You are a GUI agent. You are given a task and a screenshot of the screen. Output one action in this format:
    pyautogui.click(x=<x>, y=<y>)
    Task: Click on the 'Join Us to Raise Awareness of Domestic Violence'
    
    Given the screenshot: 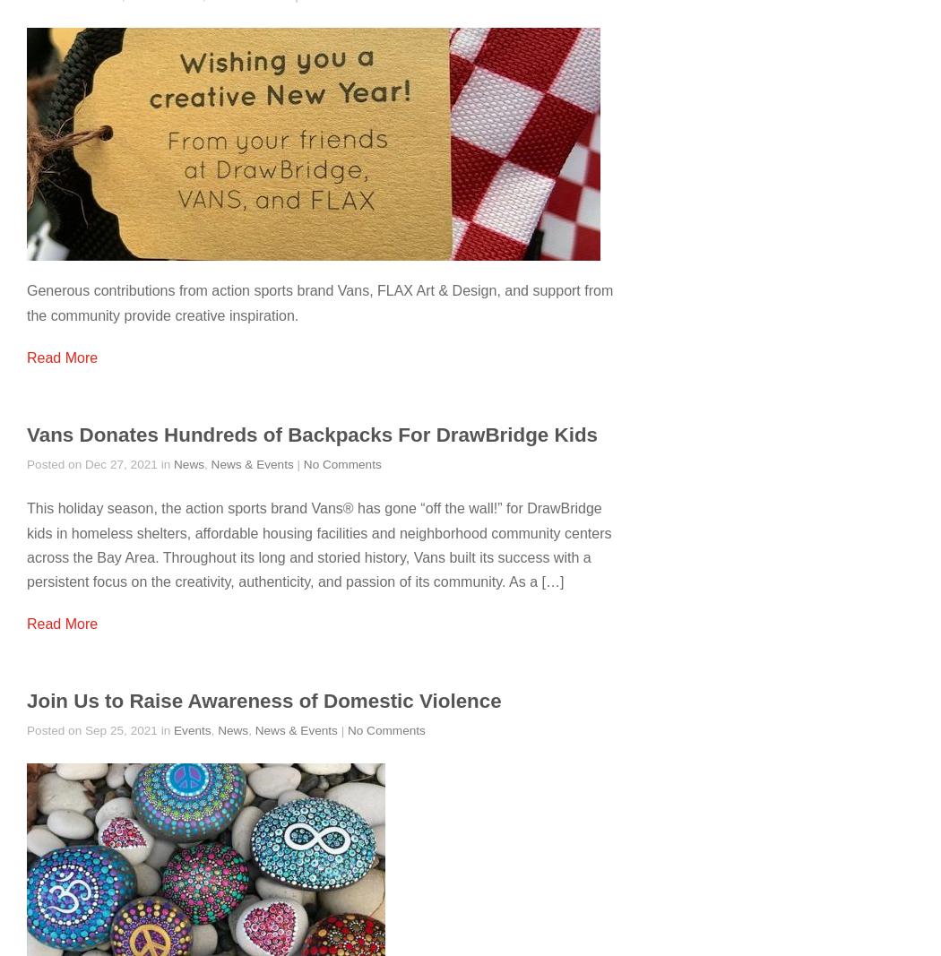 What is the action you would take?
    pyautogui.click(x=27, y=700)
    